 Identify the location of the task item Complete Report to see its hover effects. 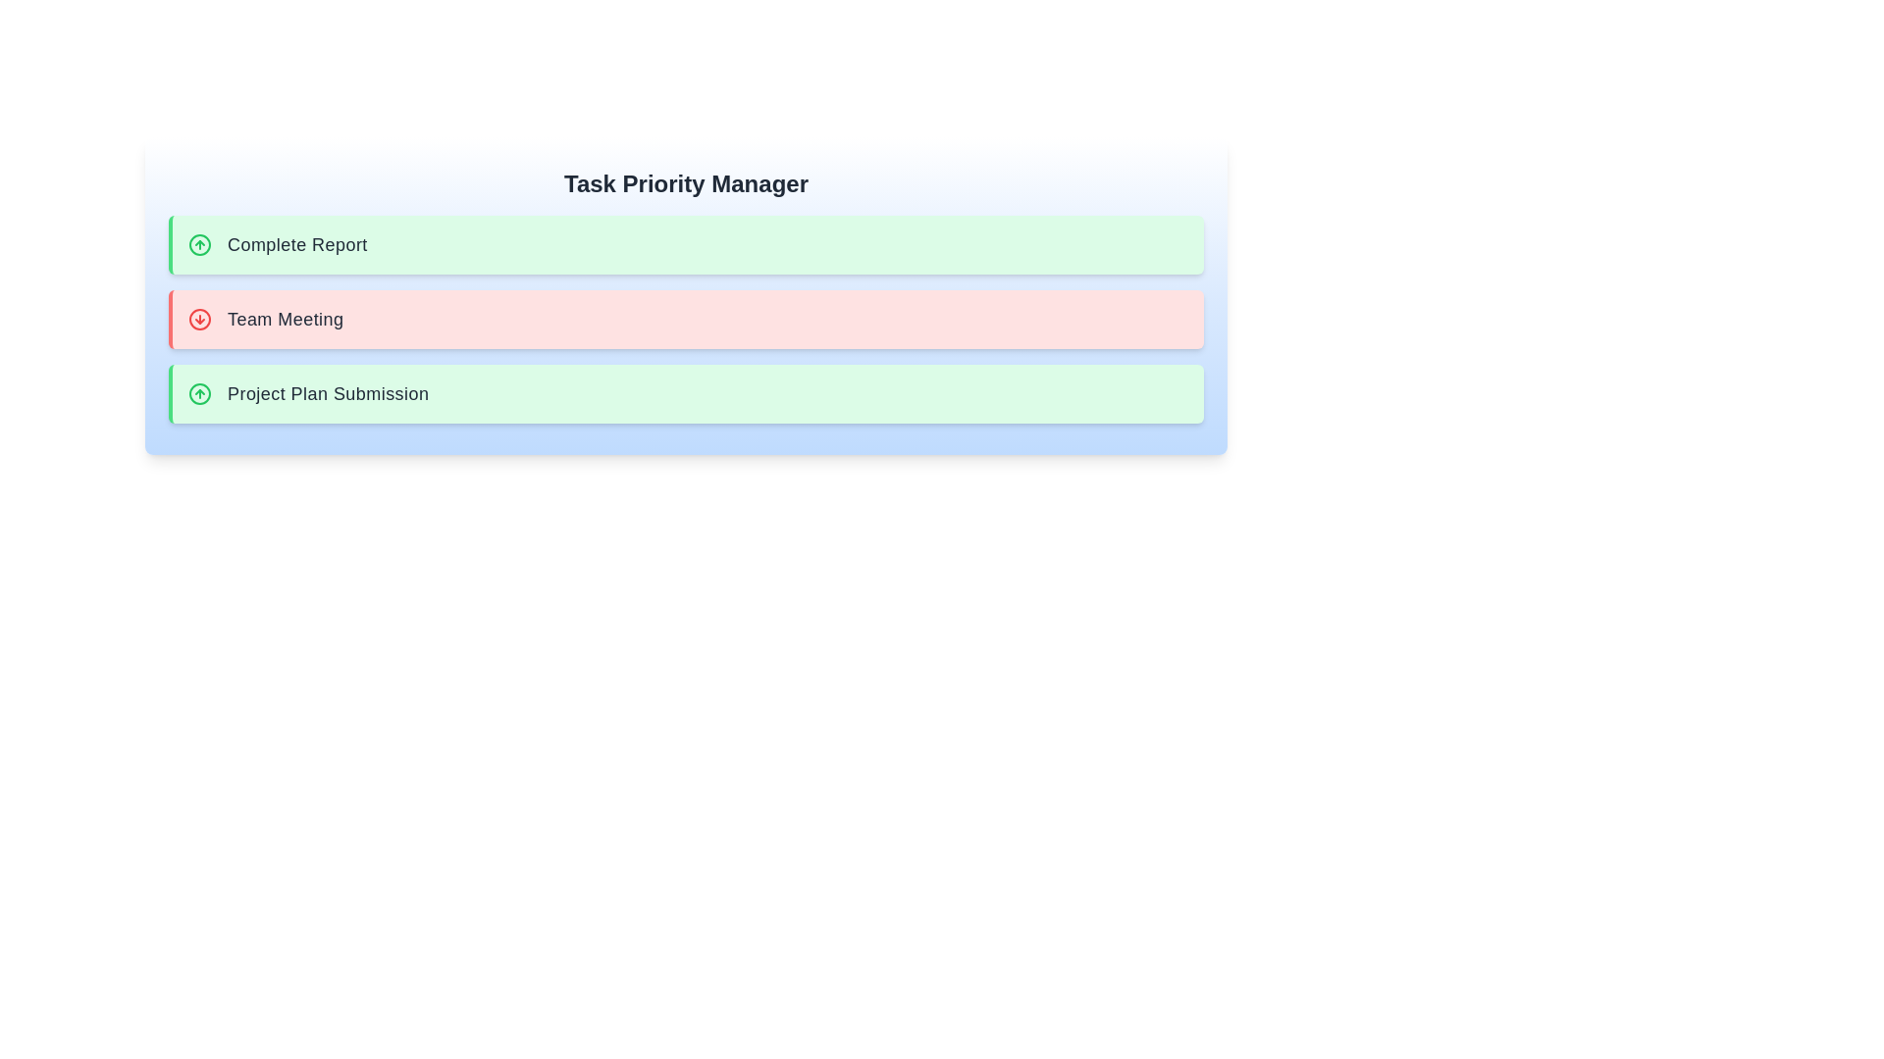
(686, 244).